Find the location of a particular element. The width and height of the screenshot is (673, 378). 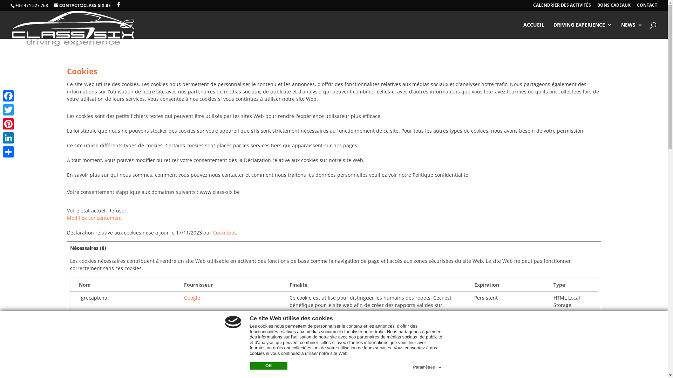

'Partager' is located at coordinates (8, 152).